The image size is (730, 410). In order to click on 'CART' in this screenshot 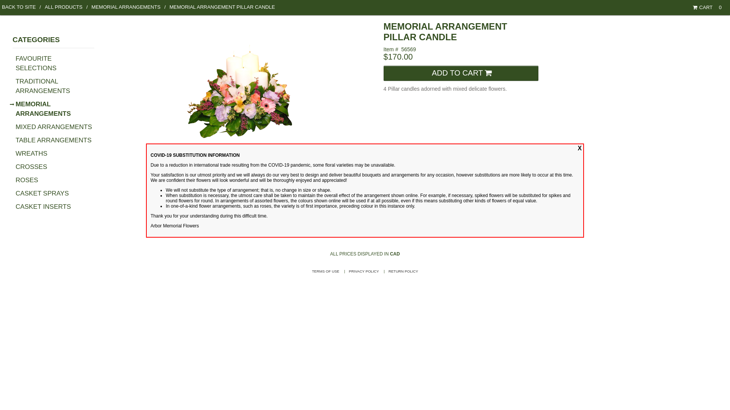, I will do `click(692, 7)`.